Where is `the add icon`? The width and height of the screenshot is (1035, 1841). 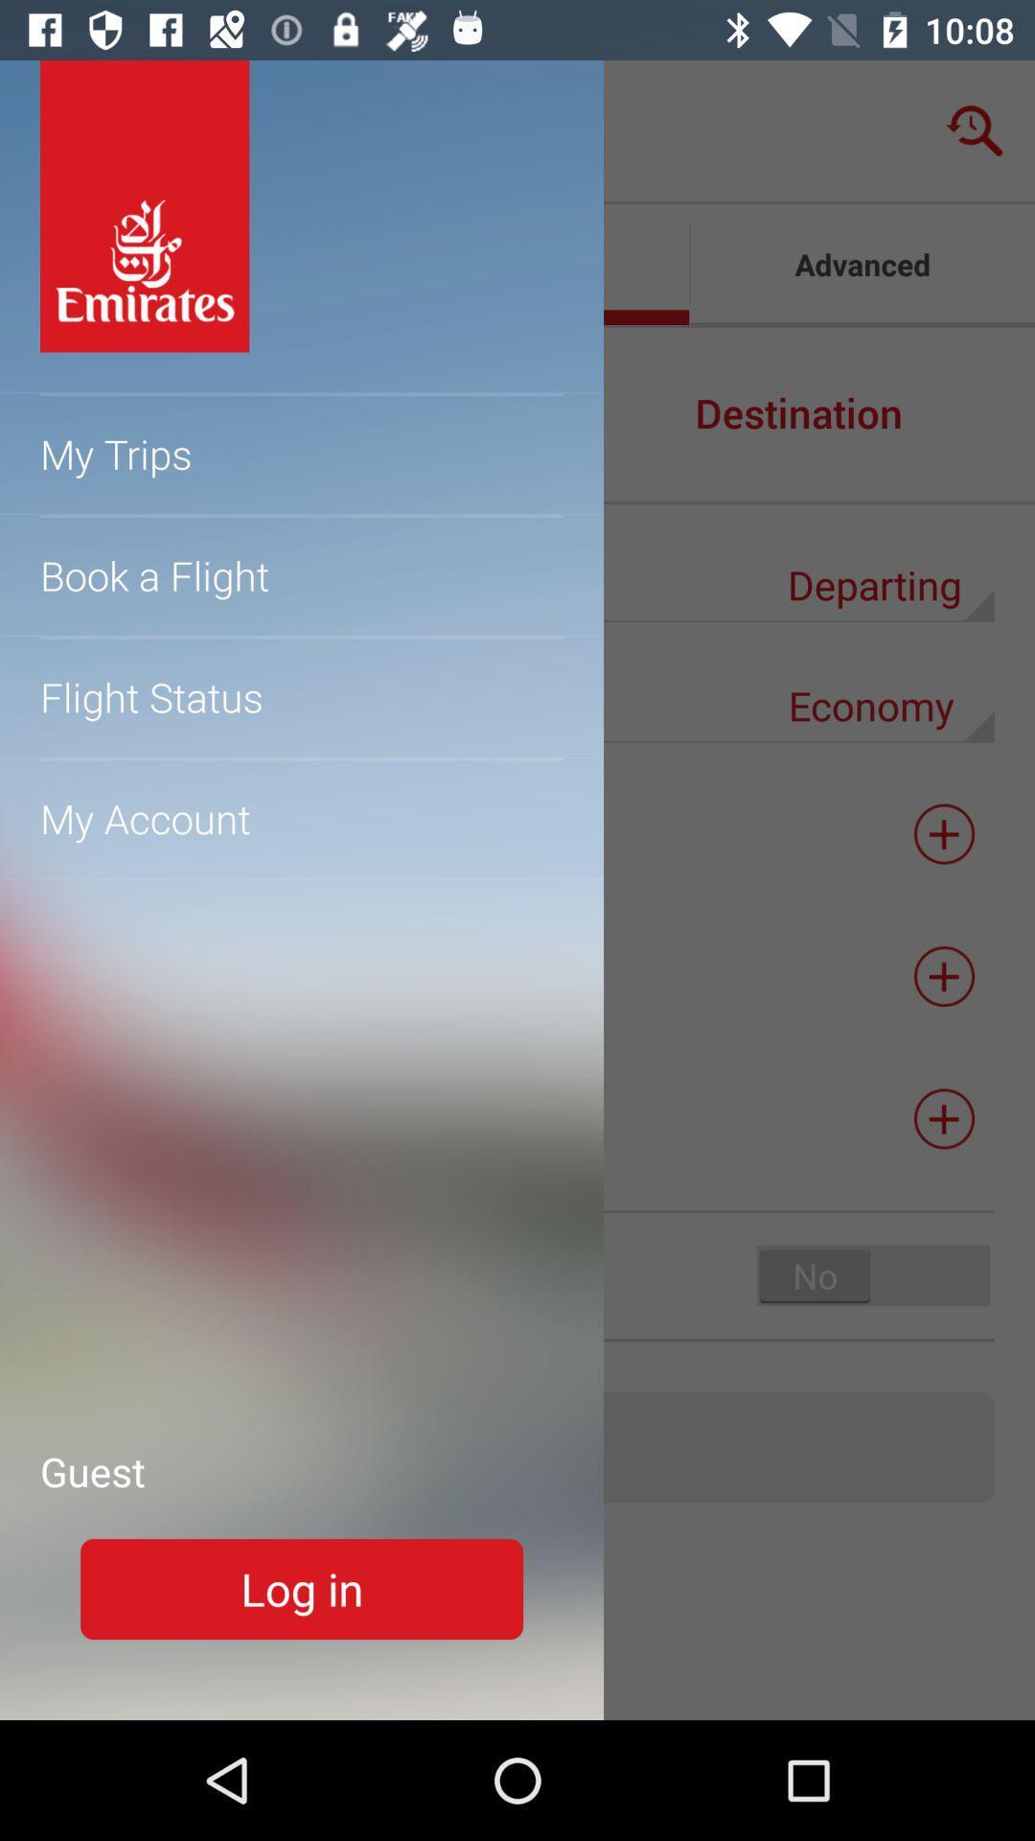
the add icon is located at coordinates (943, 833).